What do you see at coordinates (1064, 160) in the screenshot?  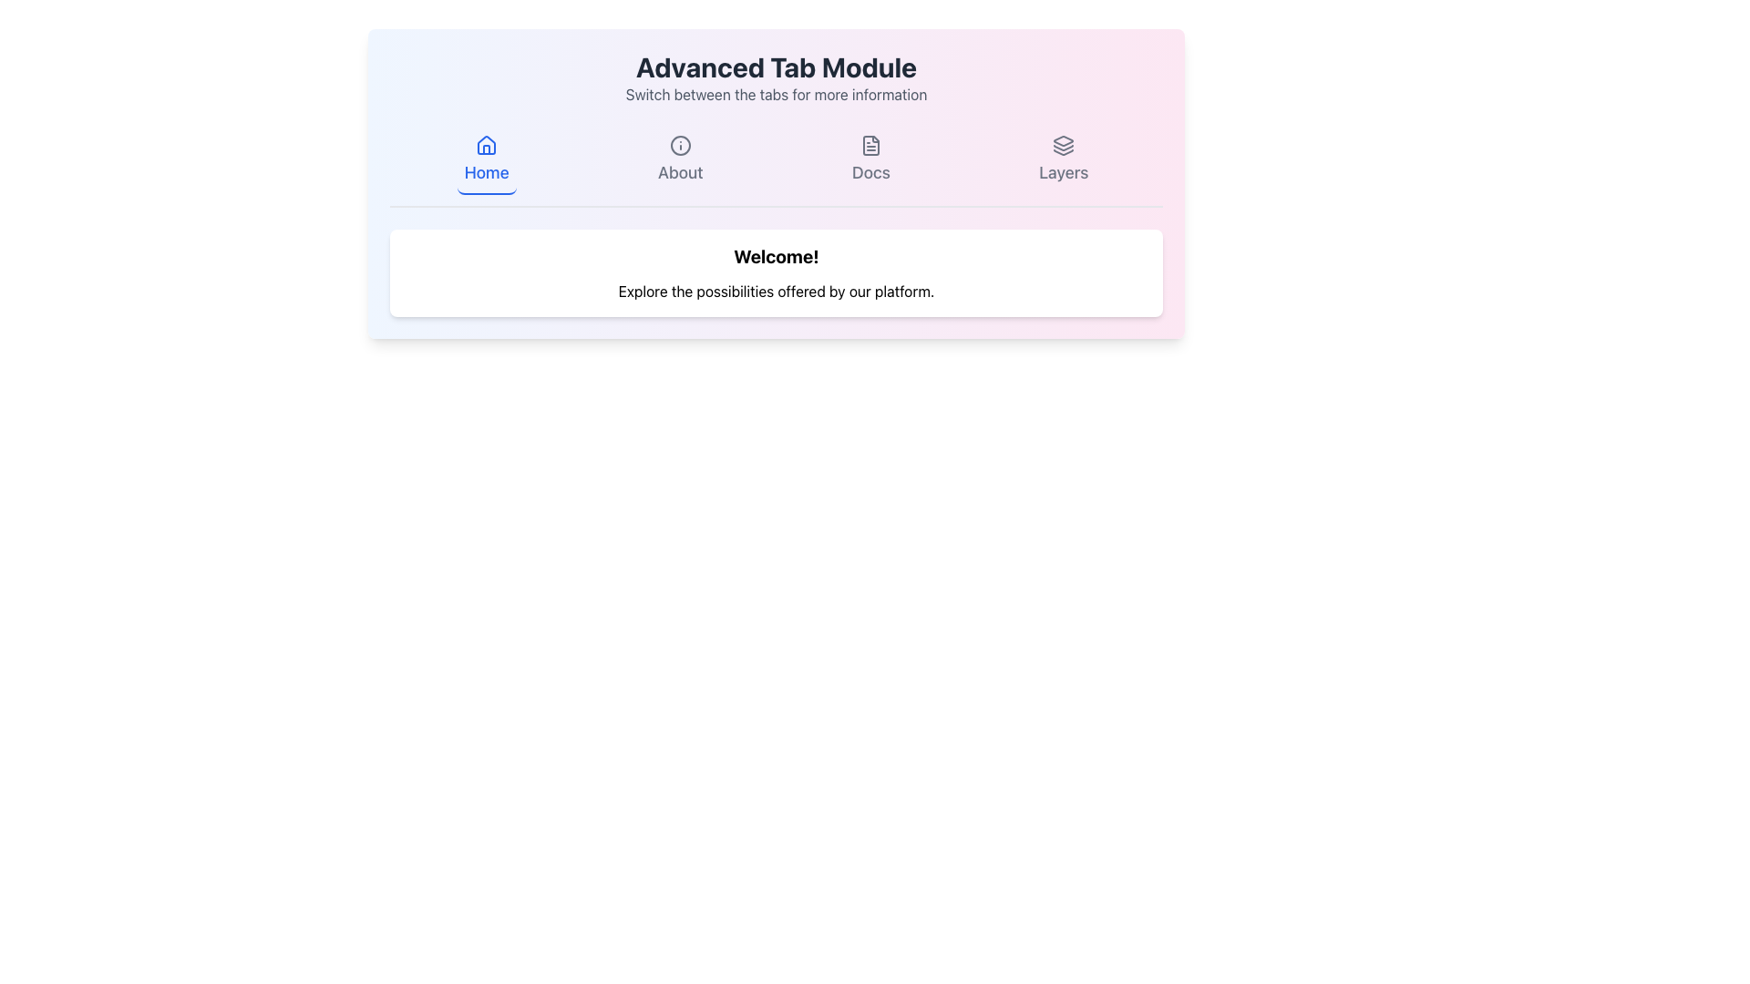 I see `keyboard navigation` at bounding box center [1064, 160].